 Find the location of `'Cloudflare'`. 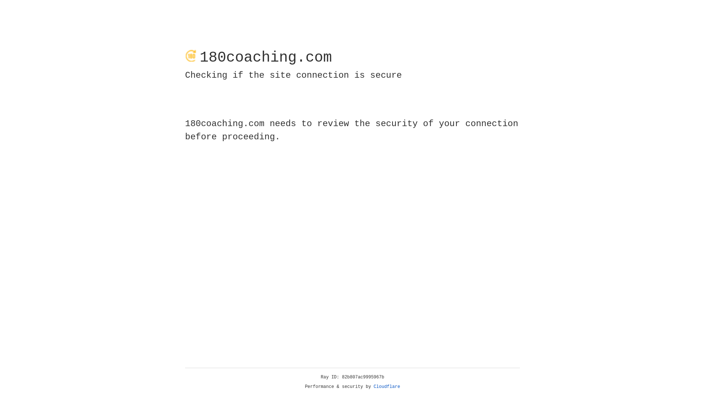

'Cloudflare' is located at coordinates (387, 386).